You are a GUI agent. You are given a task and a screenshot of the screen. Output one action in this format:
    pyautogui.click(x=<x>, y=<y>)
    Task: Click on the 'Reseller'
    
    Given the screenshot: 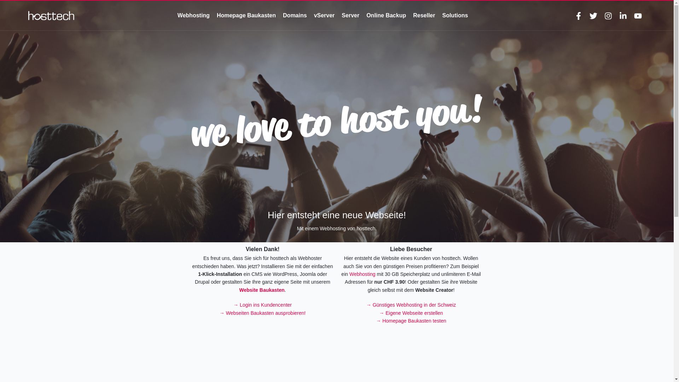 What is the action you would take?
    pyautogui.click(x=424, y=15)
    